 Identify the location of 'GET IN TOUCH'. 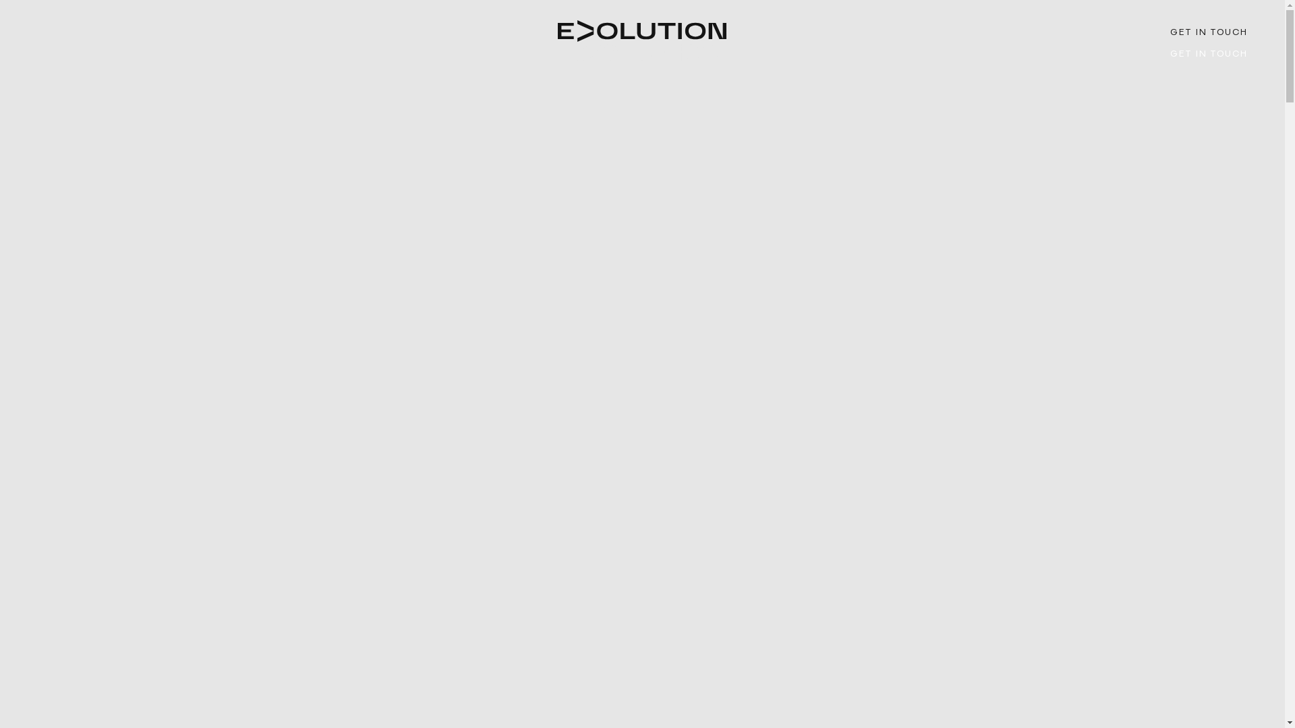
(1209, 30).